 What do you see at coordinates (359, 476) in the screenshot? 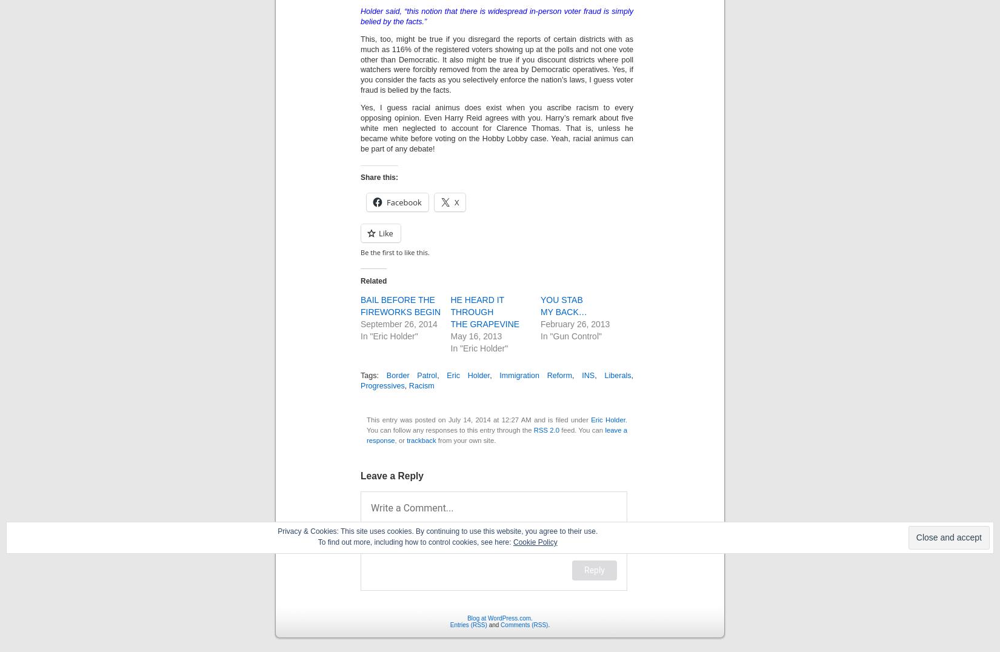
I see `'Leave a Reply'` at bounding box center [359, 476].